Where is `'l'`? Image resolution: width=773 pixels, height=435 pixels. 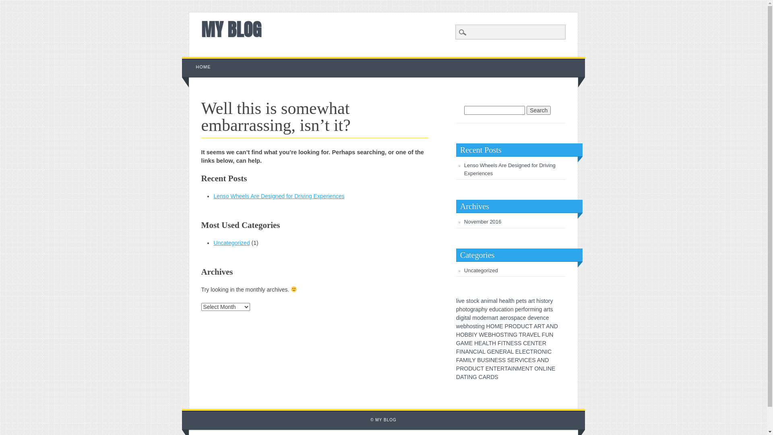 'l' is located at coordinates (508, 301).